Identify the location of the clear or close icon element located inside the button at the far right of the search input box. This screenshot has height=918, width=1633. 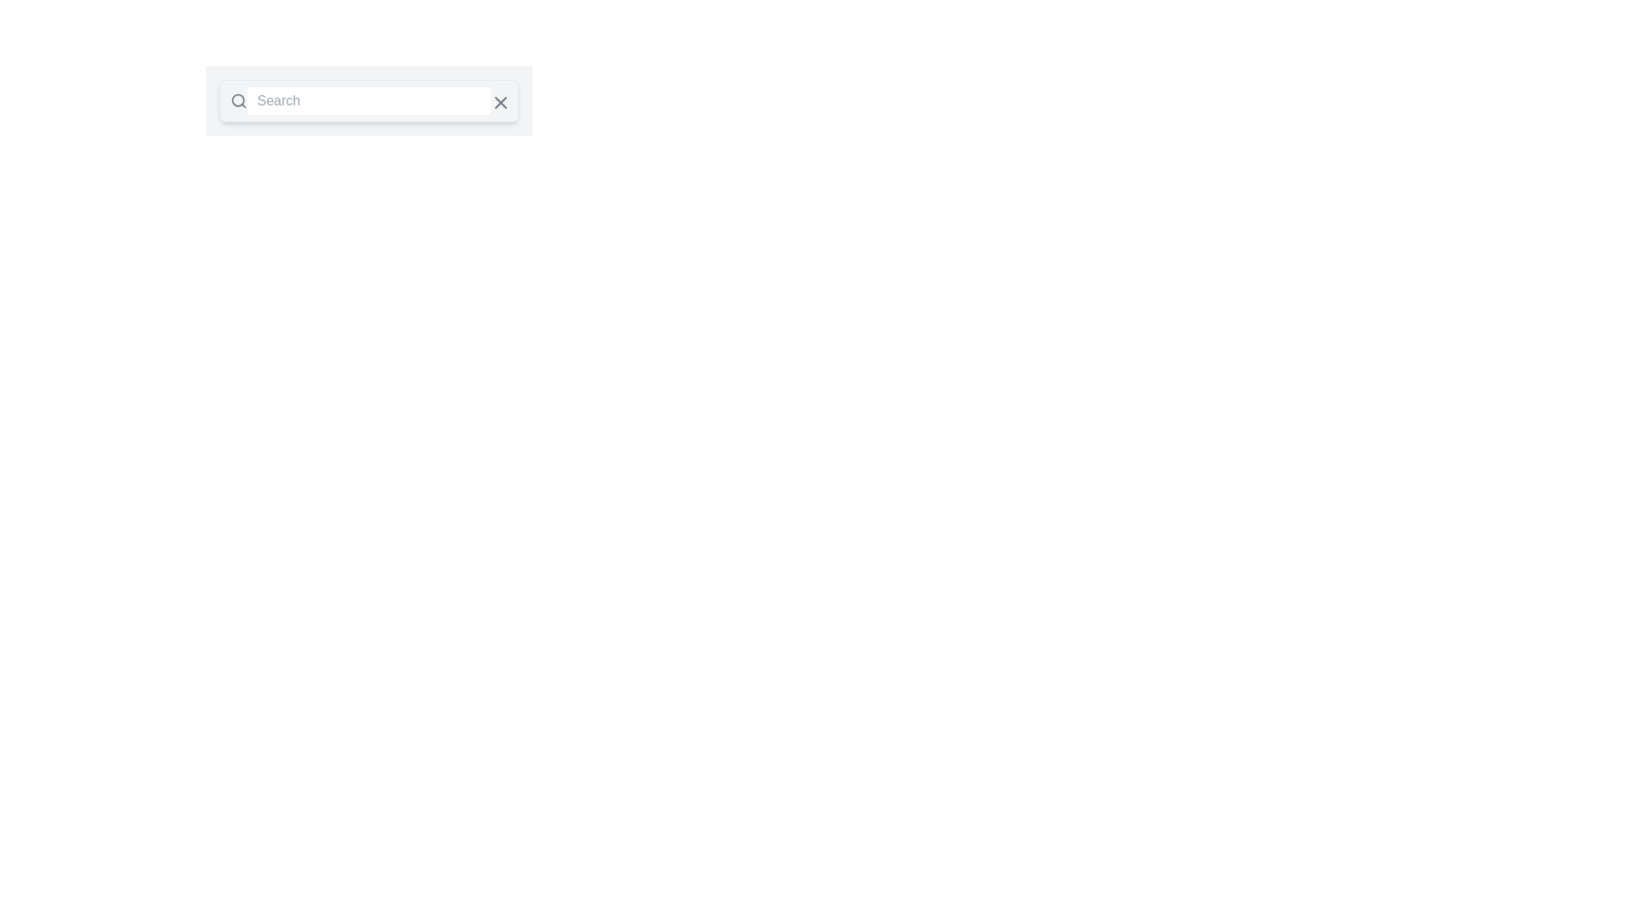
(499, 102).